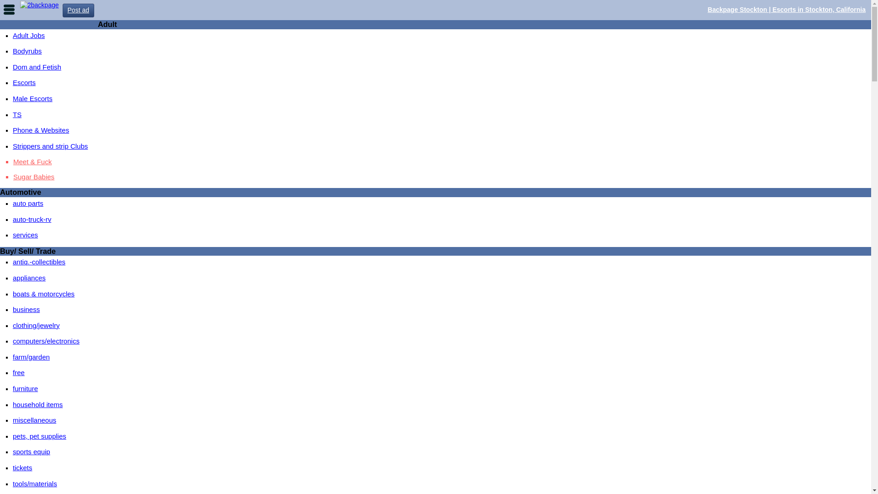 The image size is (878, 494). I want to click on 'boats & motorcycles', so click(43, 294).